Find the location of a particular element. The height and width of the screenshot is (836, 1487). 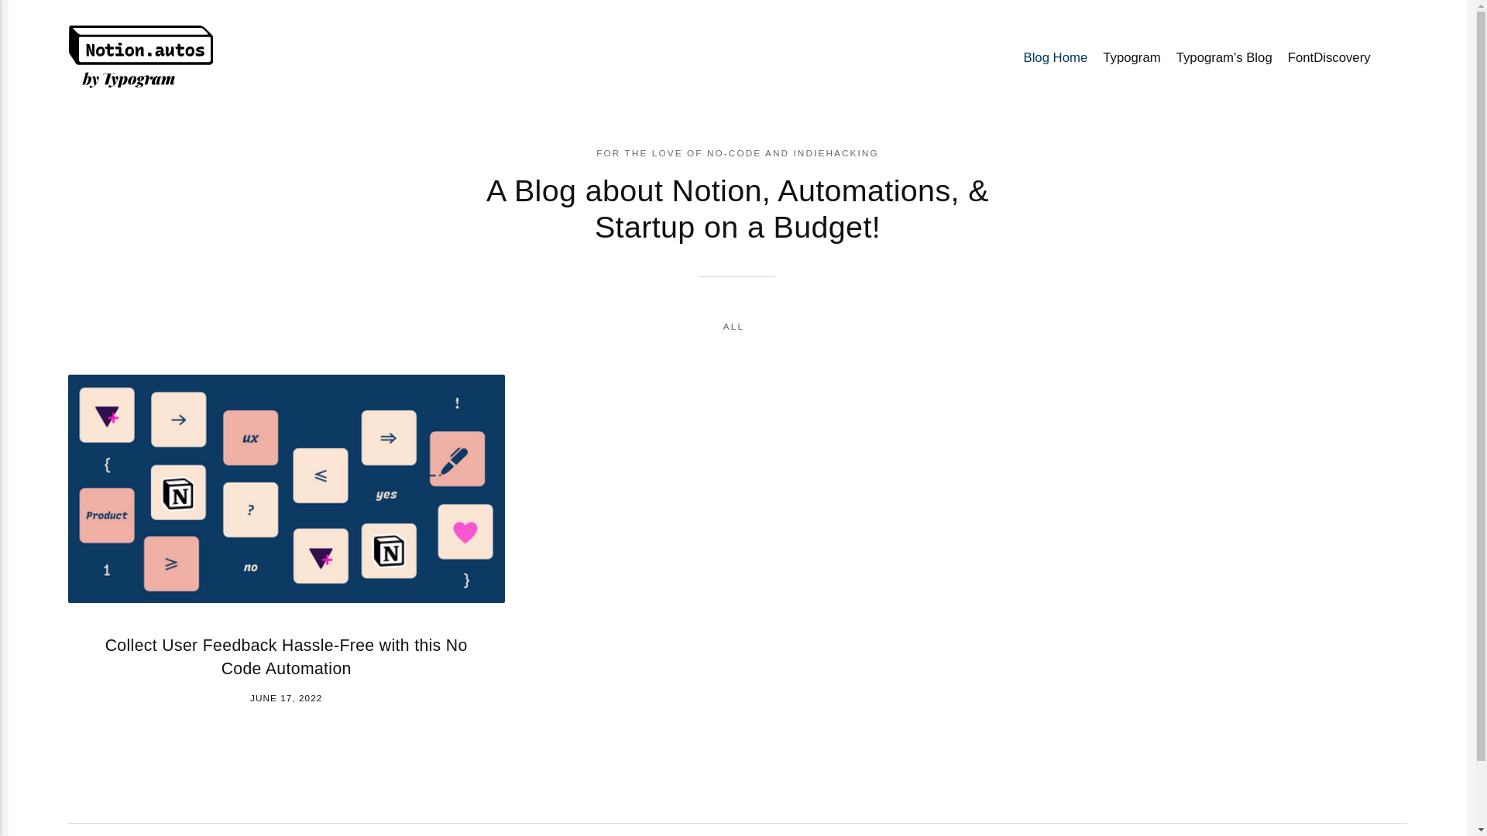

'Blog Home' is located at coordinates (1015, 57).